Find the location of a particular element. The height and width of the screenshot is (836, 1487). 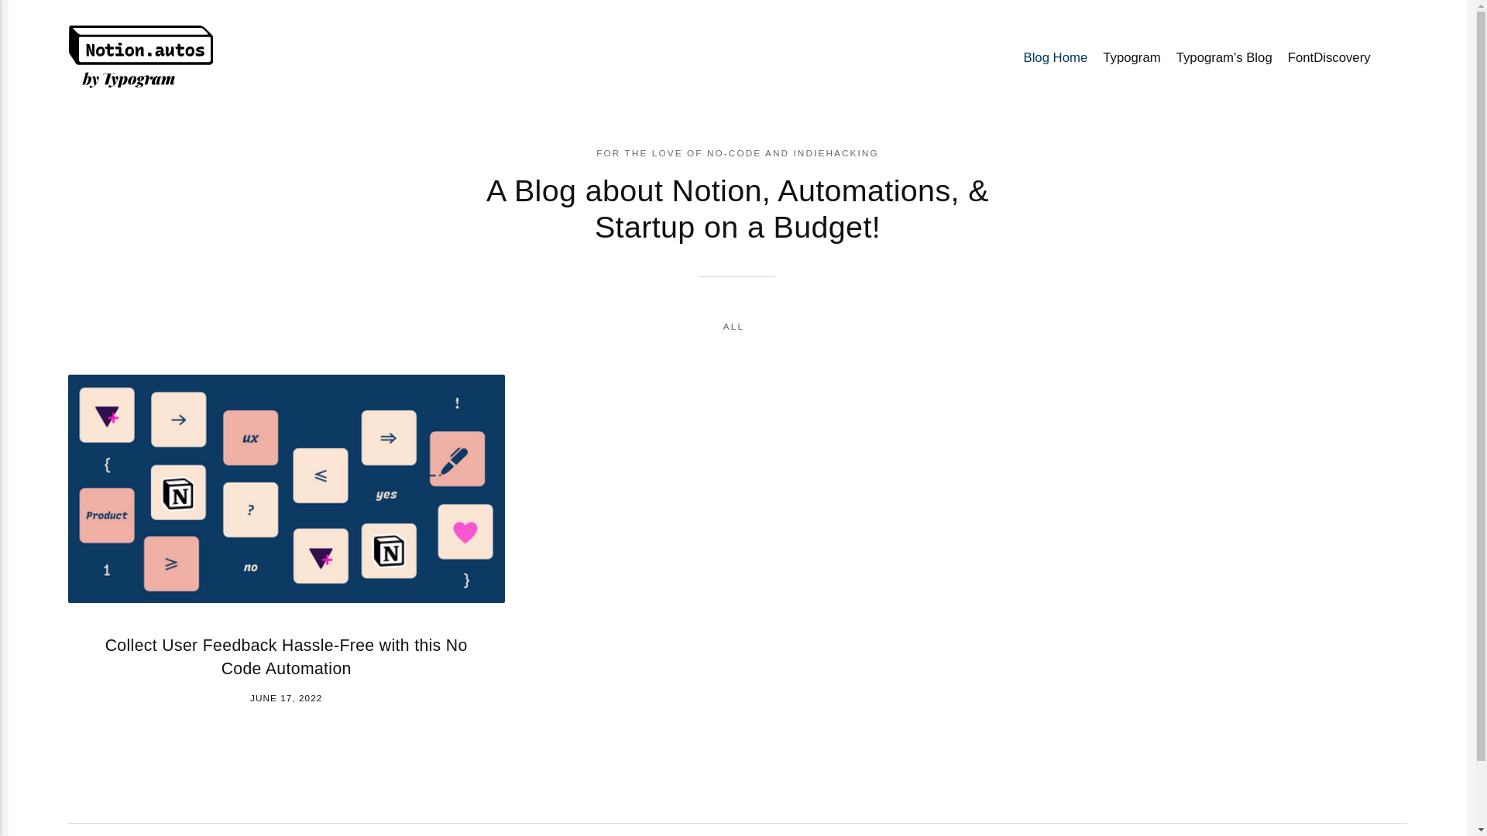

'Blog Home' is located at coordinates (1015, 57).